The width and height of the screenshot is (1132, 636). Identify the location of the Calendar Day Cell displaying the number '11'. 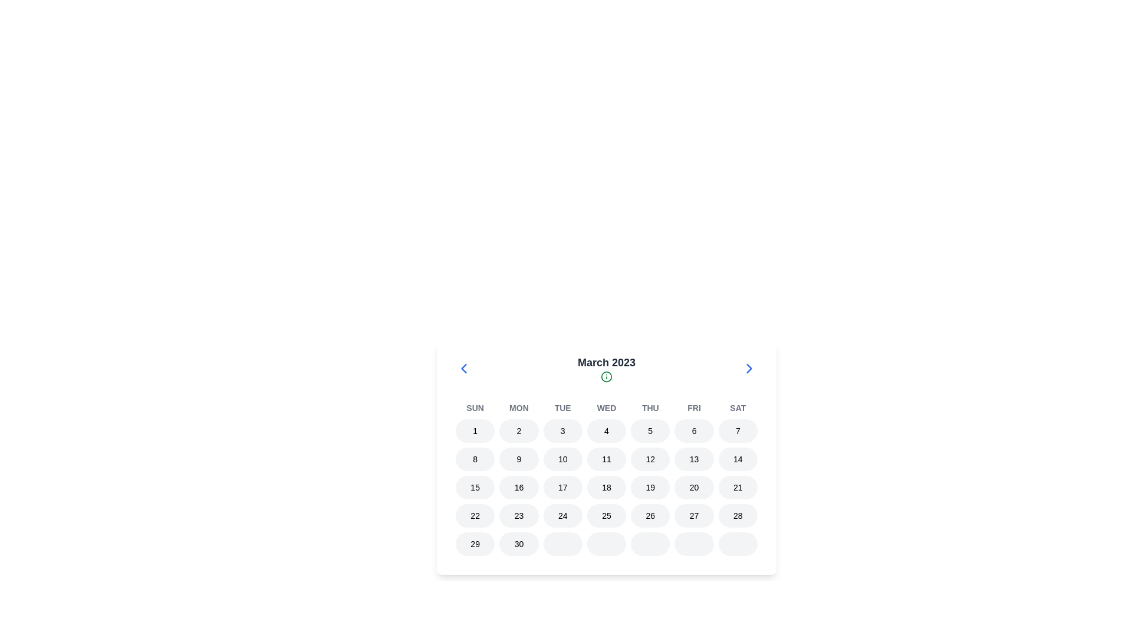
(606, 458).